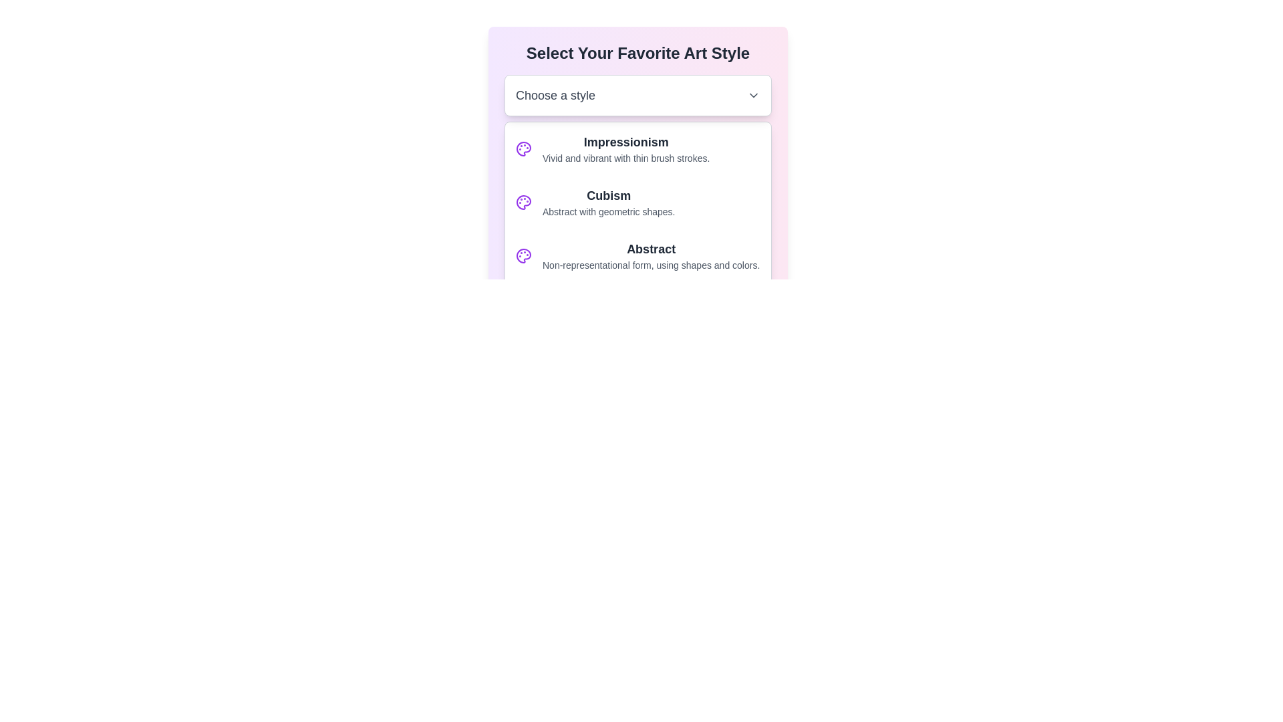  What do you see at coordinates (637, 190) in the screenshot?
I see `keyboard navigation` at bounding box center [637, 190].